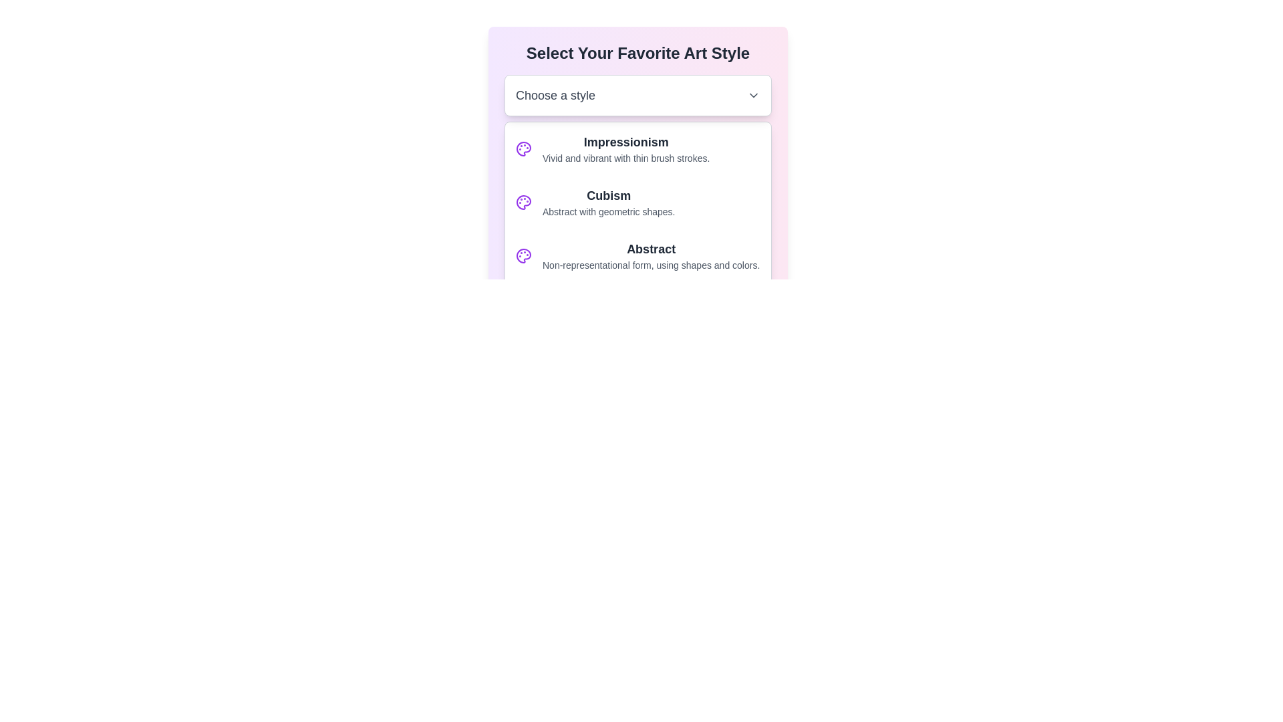  What do you see at coordinates (637, 190) in the screenshot?
I see `keyboard navigation` at bounding box center [637, 190].